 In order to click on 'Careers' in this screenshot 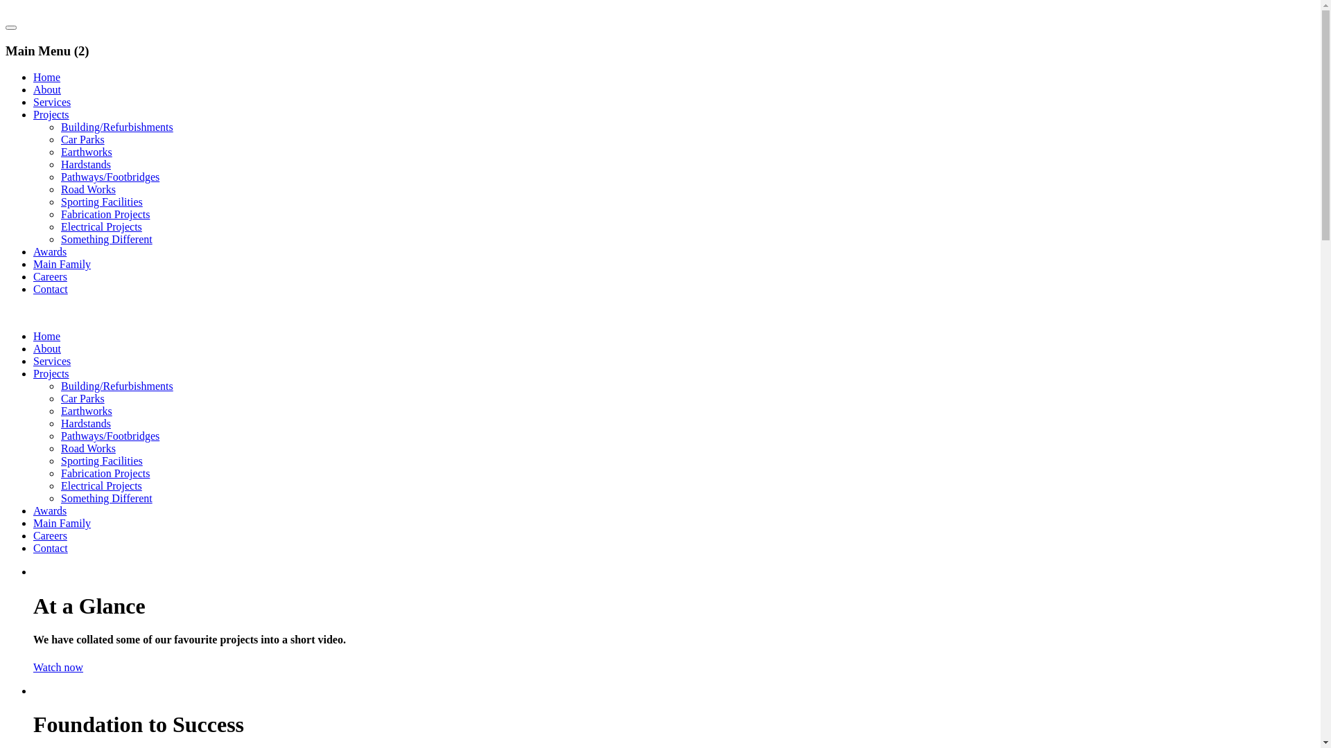, I will do `click(50, 276)`.